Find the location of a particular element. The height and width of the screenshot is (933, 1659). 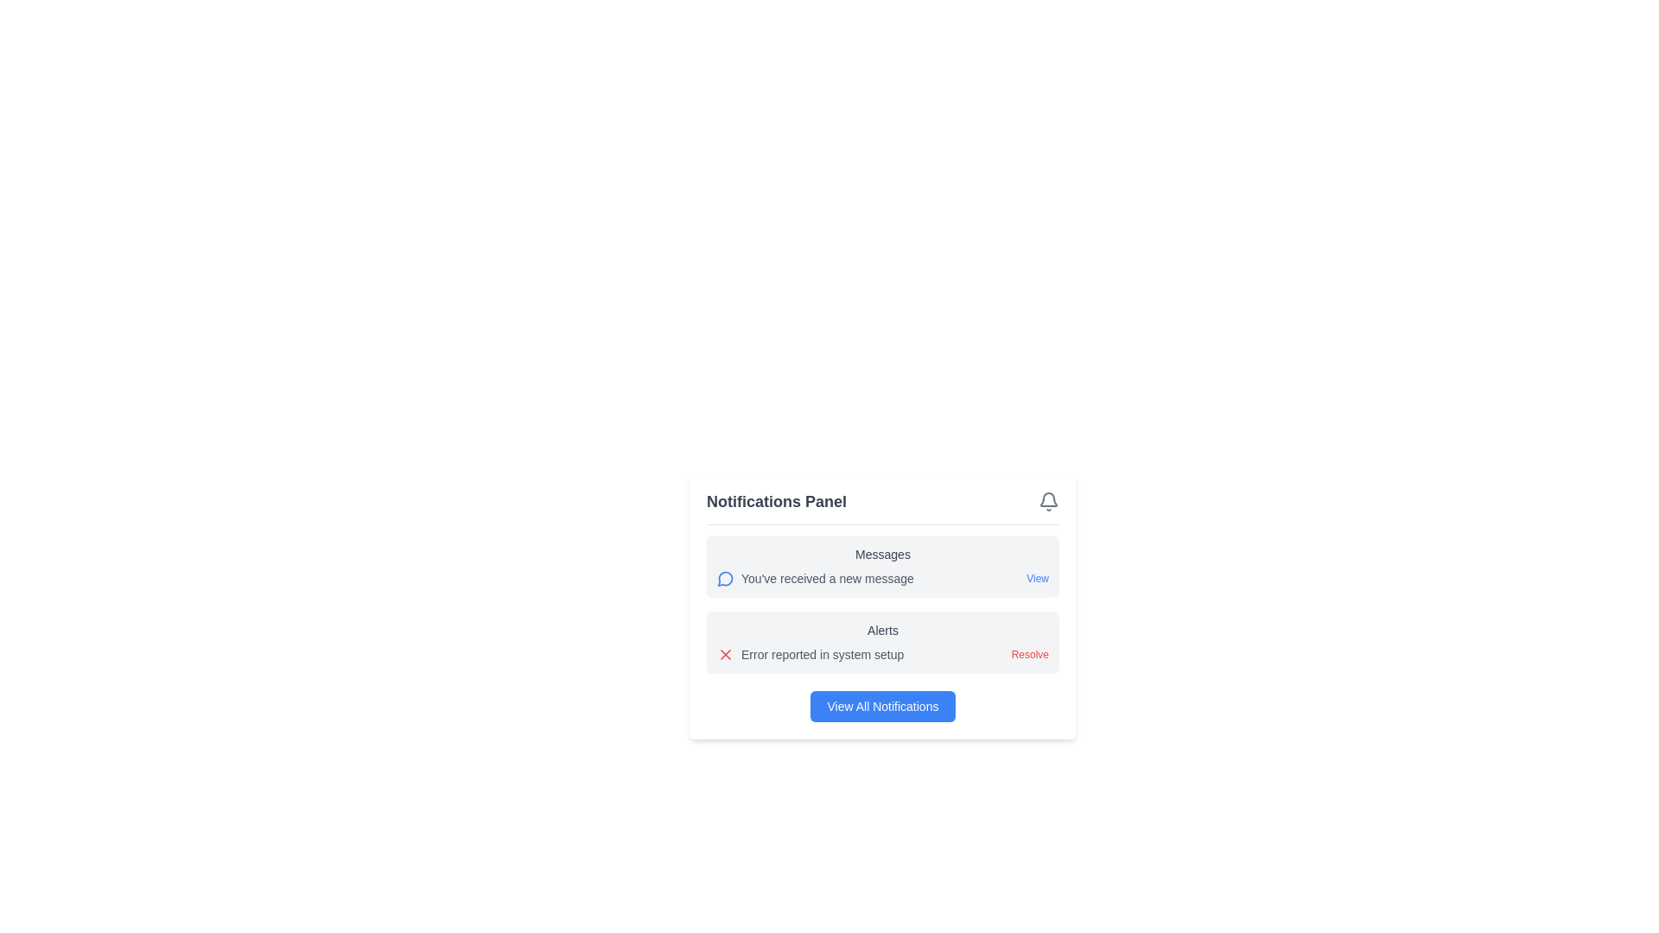

the text snippet displaying 'Error reported in system setup' in the Alerts area is located at coordinates (822, 655).